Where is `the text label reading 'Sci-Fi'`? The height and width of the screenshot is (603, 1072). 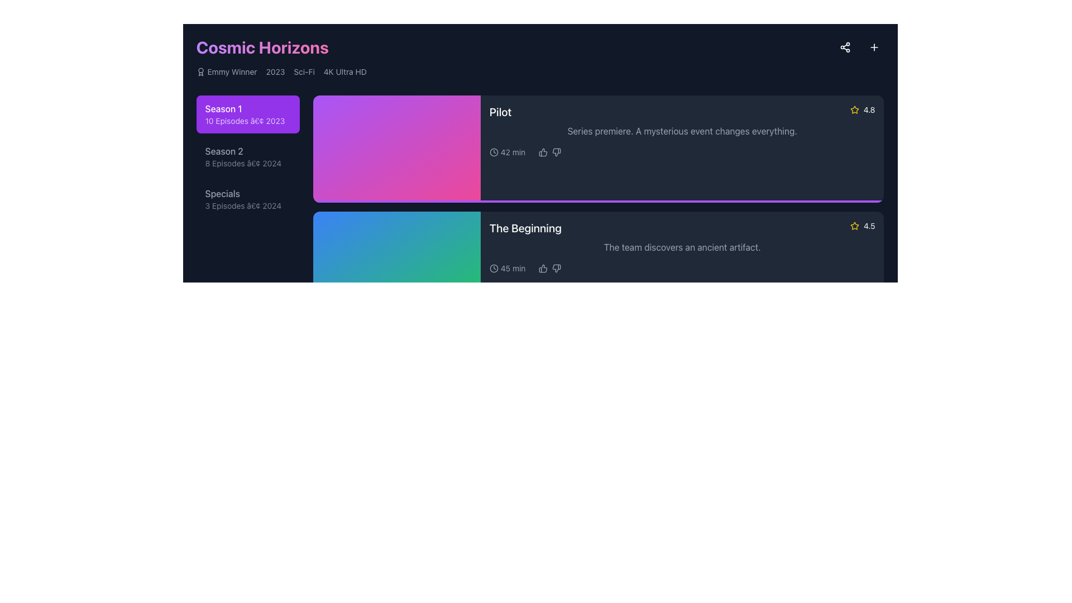 the text label reading 'Sci-Fi' is located at coordinates (304, 71).